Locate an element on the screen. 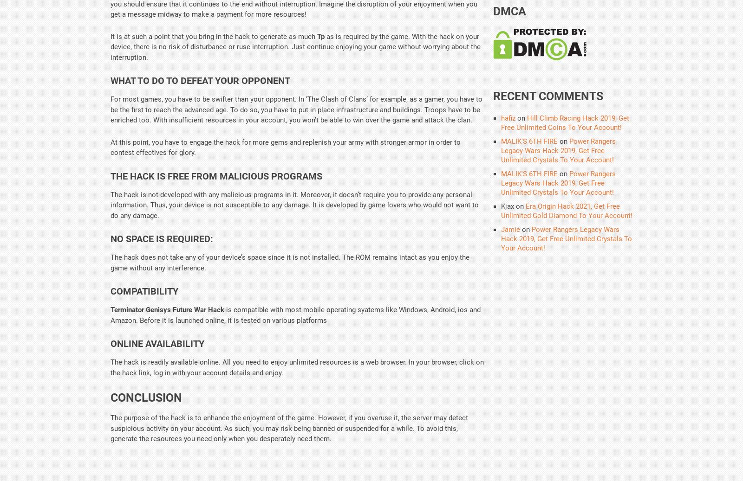  'No Space is Required:' is located at coordinates (110, 238).